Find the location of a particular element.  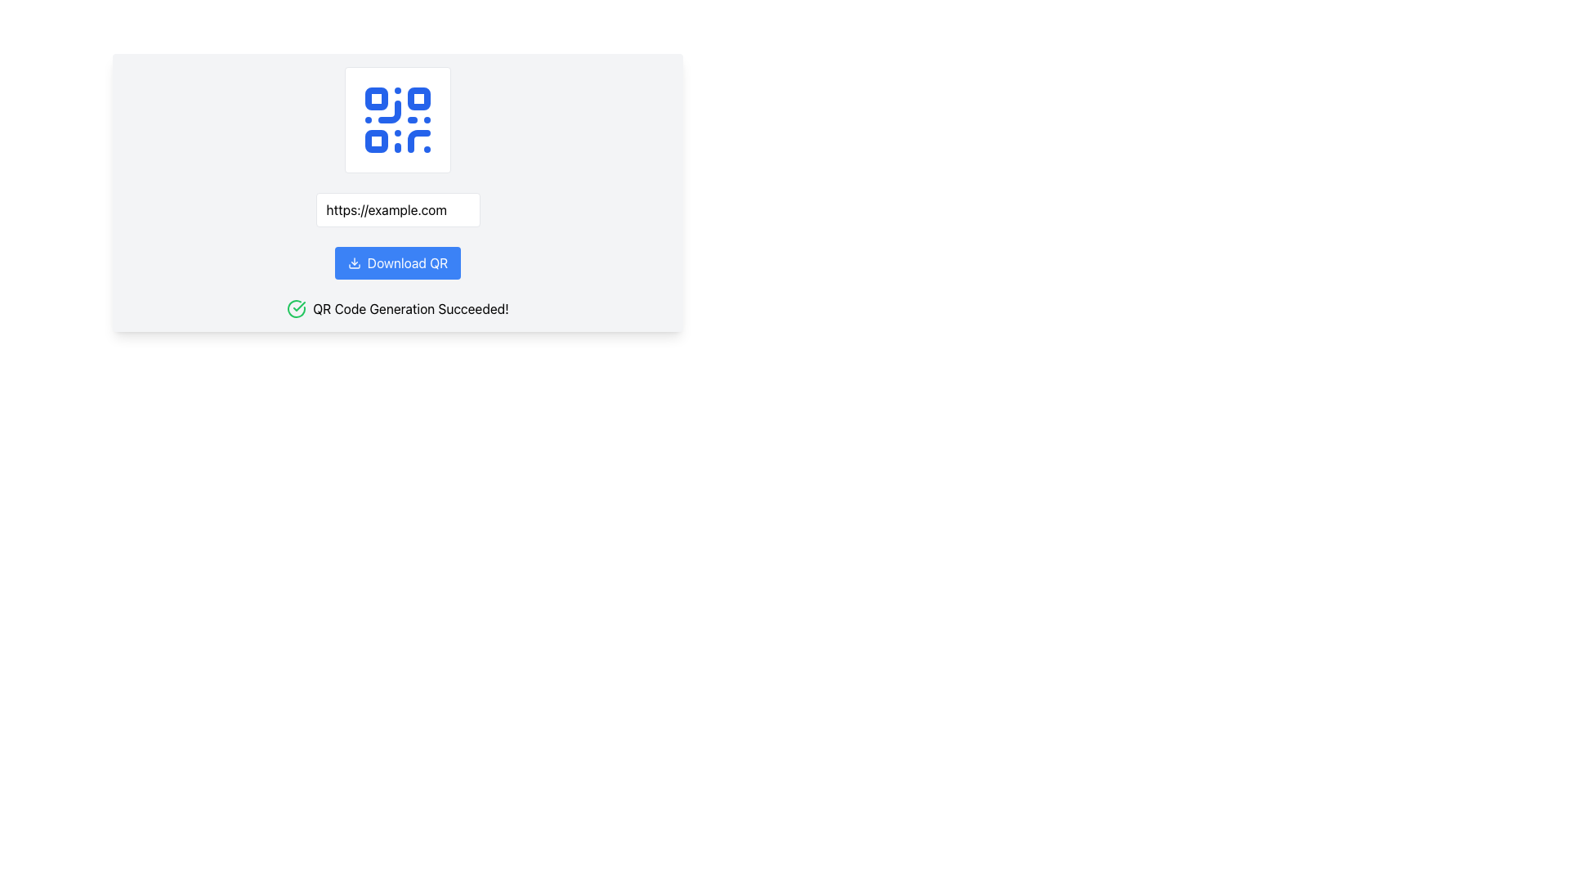

success message from the text label located centrally in the lower section of the interface, beneath the 'Download QR' button, which notifies the user of the successful generation of a QR code is located at coordinates (411, 309).